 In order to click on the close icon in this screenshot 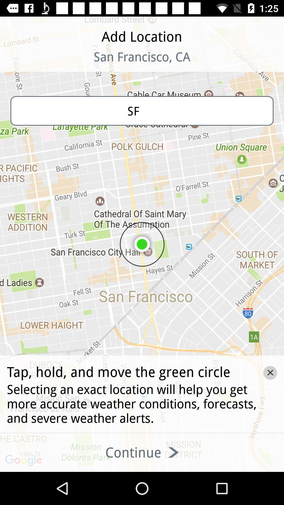, I will do `click(270, 372)`.